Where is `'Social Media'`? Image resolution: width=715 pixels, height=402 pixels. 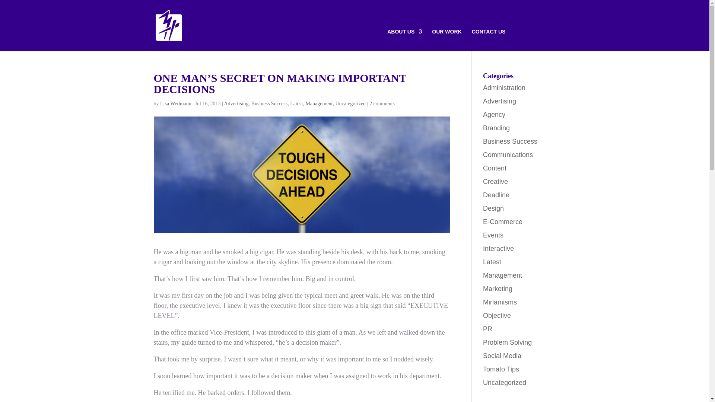
'Social Media' is located at coordinates (502, 355).